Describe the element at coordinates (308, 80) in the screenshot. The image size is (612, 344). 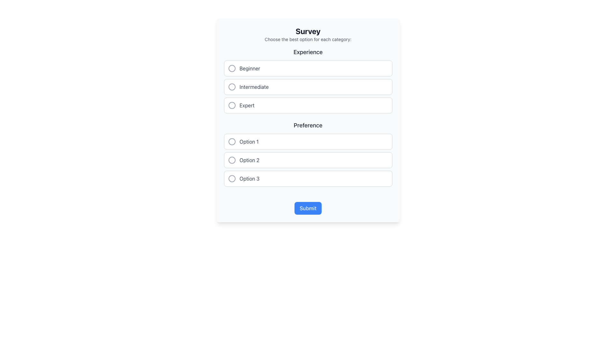
I see `the radio button group labeled 'Experience' containing options 'Beginner', 'Intermediate', and 'Expert'` at that location.